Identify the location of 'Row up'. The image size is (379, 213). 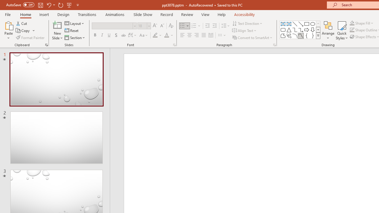
(318, 23).